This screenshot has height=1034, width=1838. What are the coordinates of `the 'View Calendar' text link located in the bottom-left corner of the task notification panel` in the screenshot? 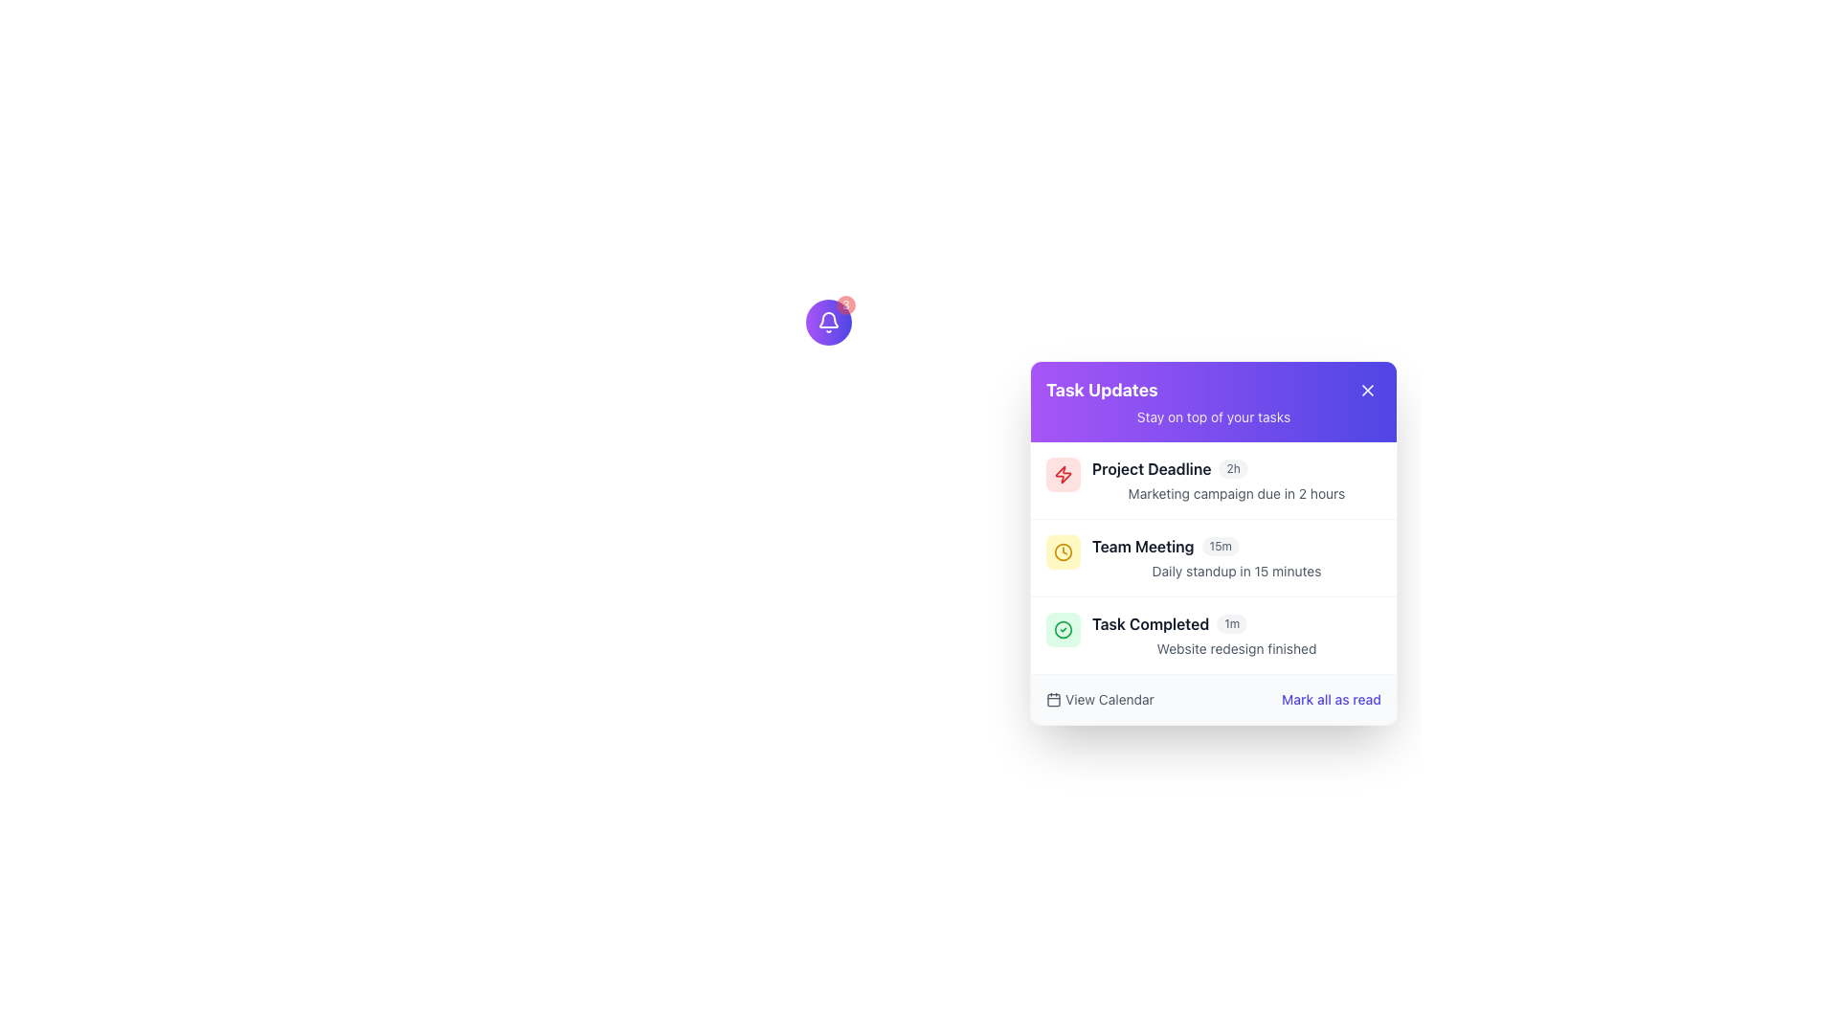 It's located at (1110, 700).